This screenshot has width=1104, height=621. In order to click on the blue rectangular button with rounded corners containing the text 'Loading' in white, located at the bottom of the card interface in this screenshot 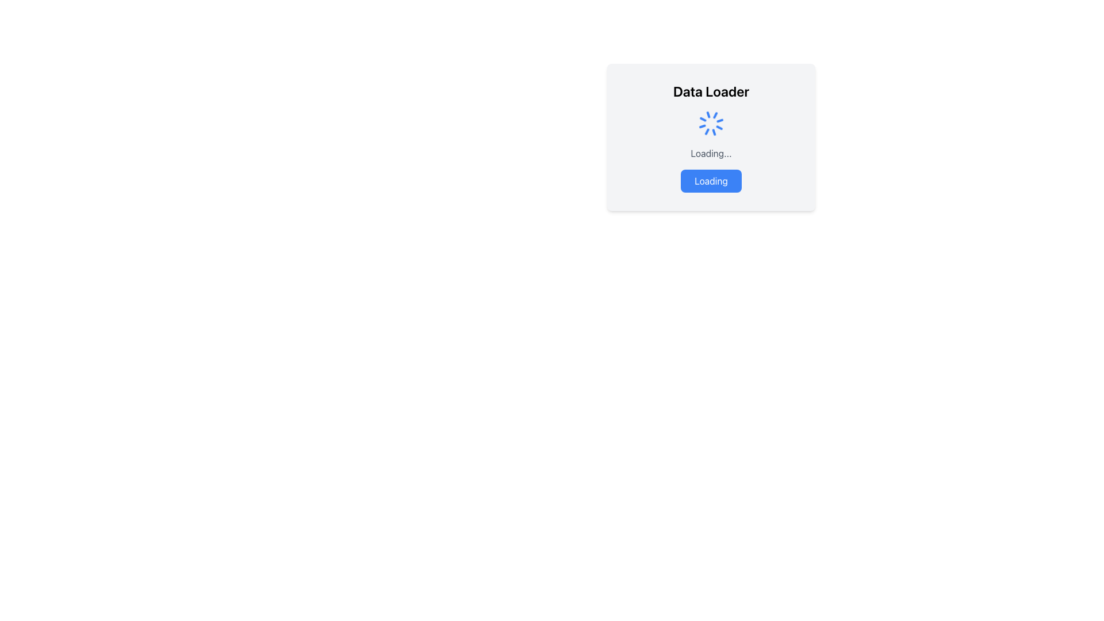, I will do `click(711, 181)`.